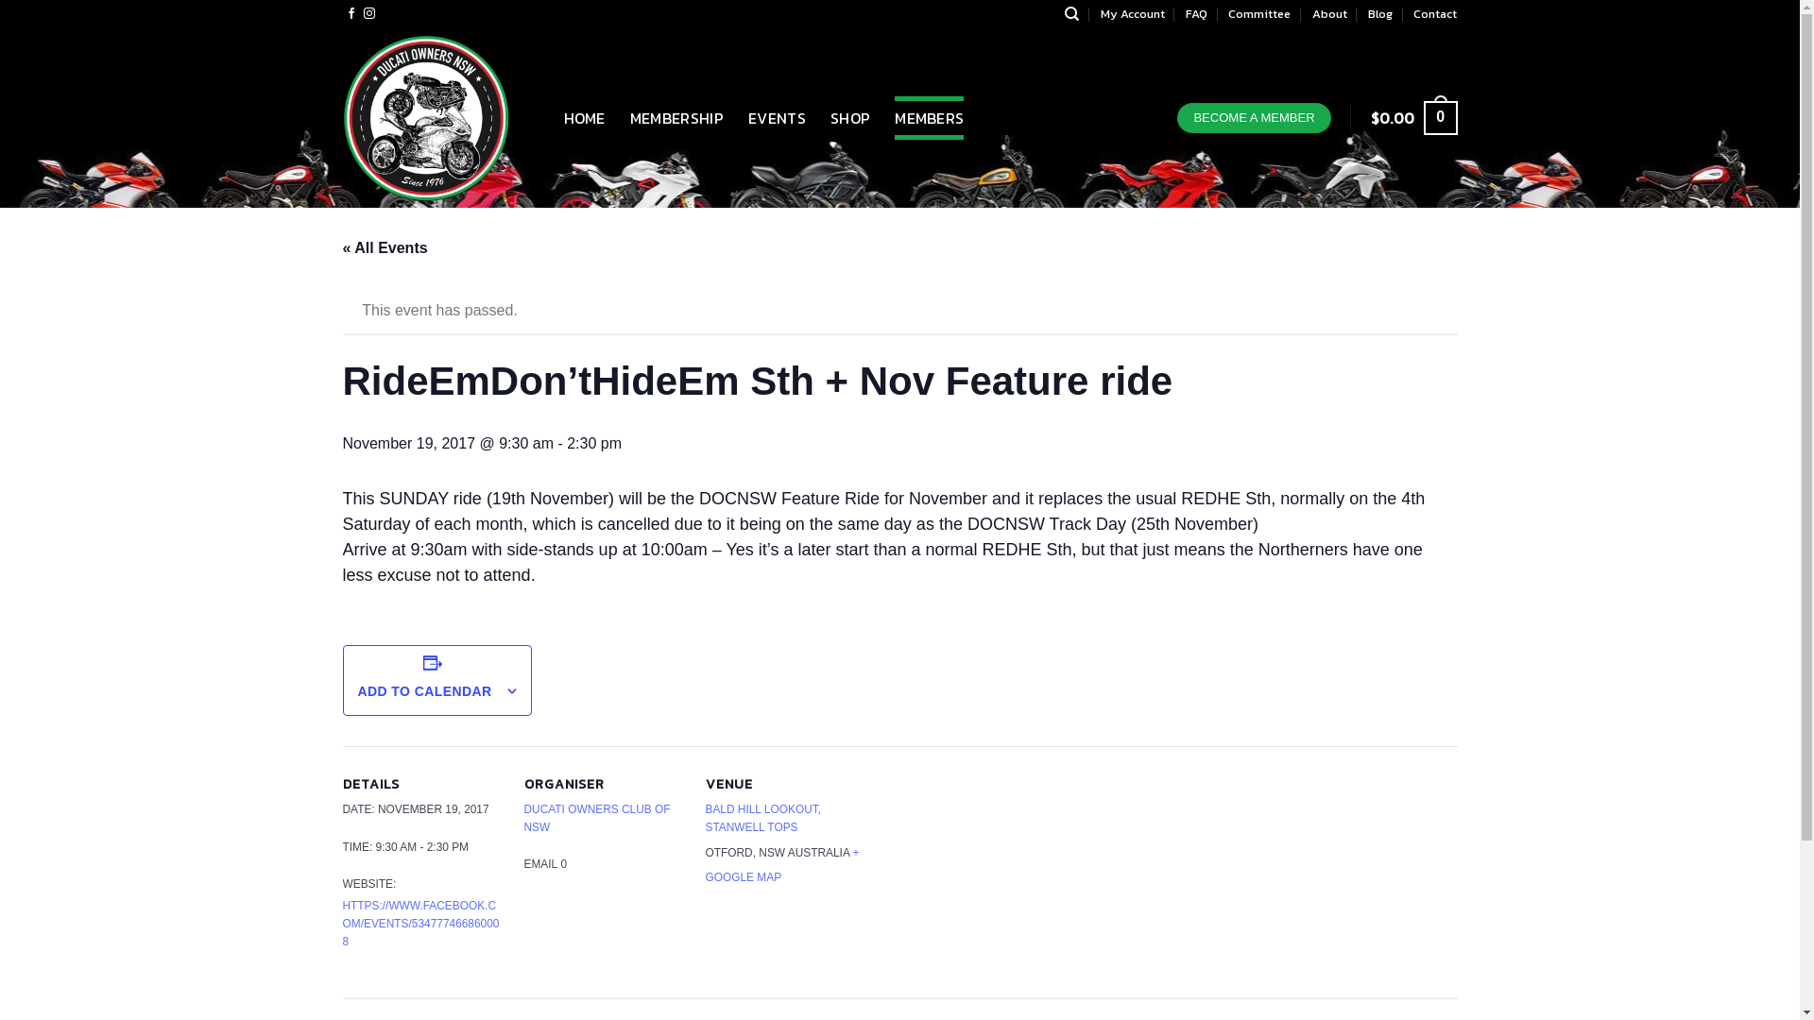  I want to click on 'EVENTS', so click(777, 117).